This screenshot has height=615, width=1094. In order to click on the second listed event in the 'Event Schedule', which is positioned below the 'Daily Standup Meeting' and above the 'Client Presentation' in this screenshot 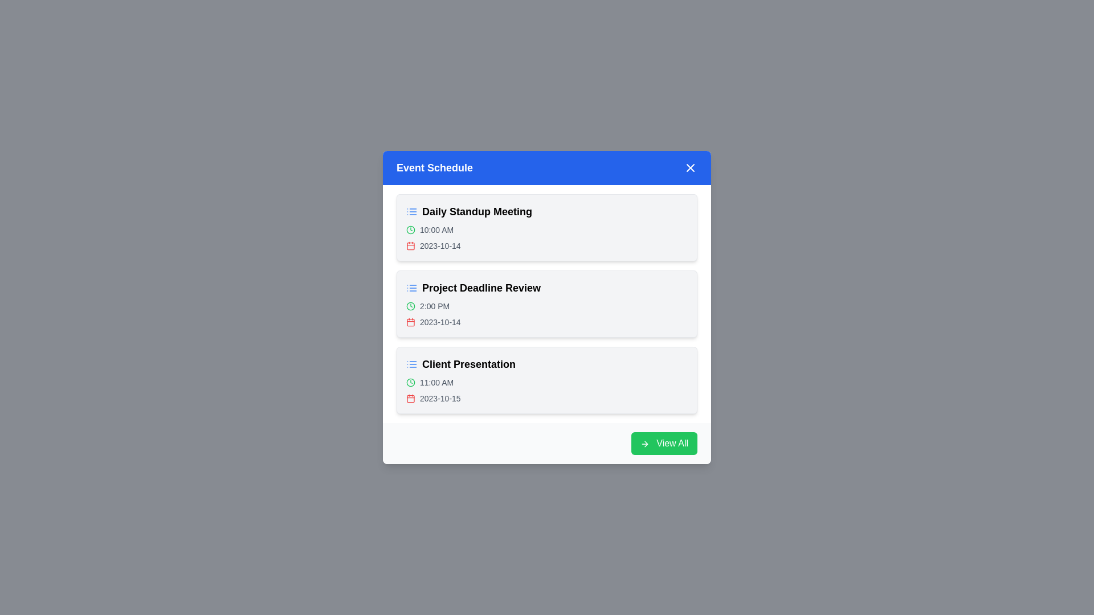, I will do `click(547, 303)`.